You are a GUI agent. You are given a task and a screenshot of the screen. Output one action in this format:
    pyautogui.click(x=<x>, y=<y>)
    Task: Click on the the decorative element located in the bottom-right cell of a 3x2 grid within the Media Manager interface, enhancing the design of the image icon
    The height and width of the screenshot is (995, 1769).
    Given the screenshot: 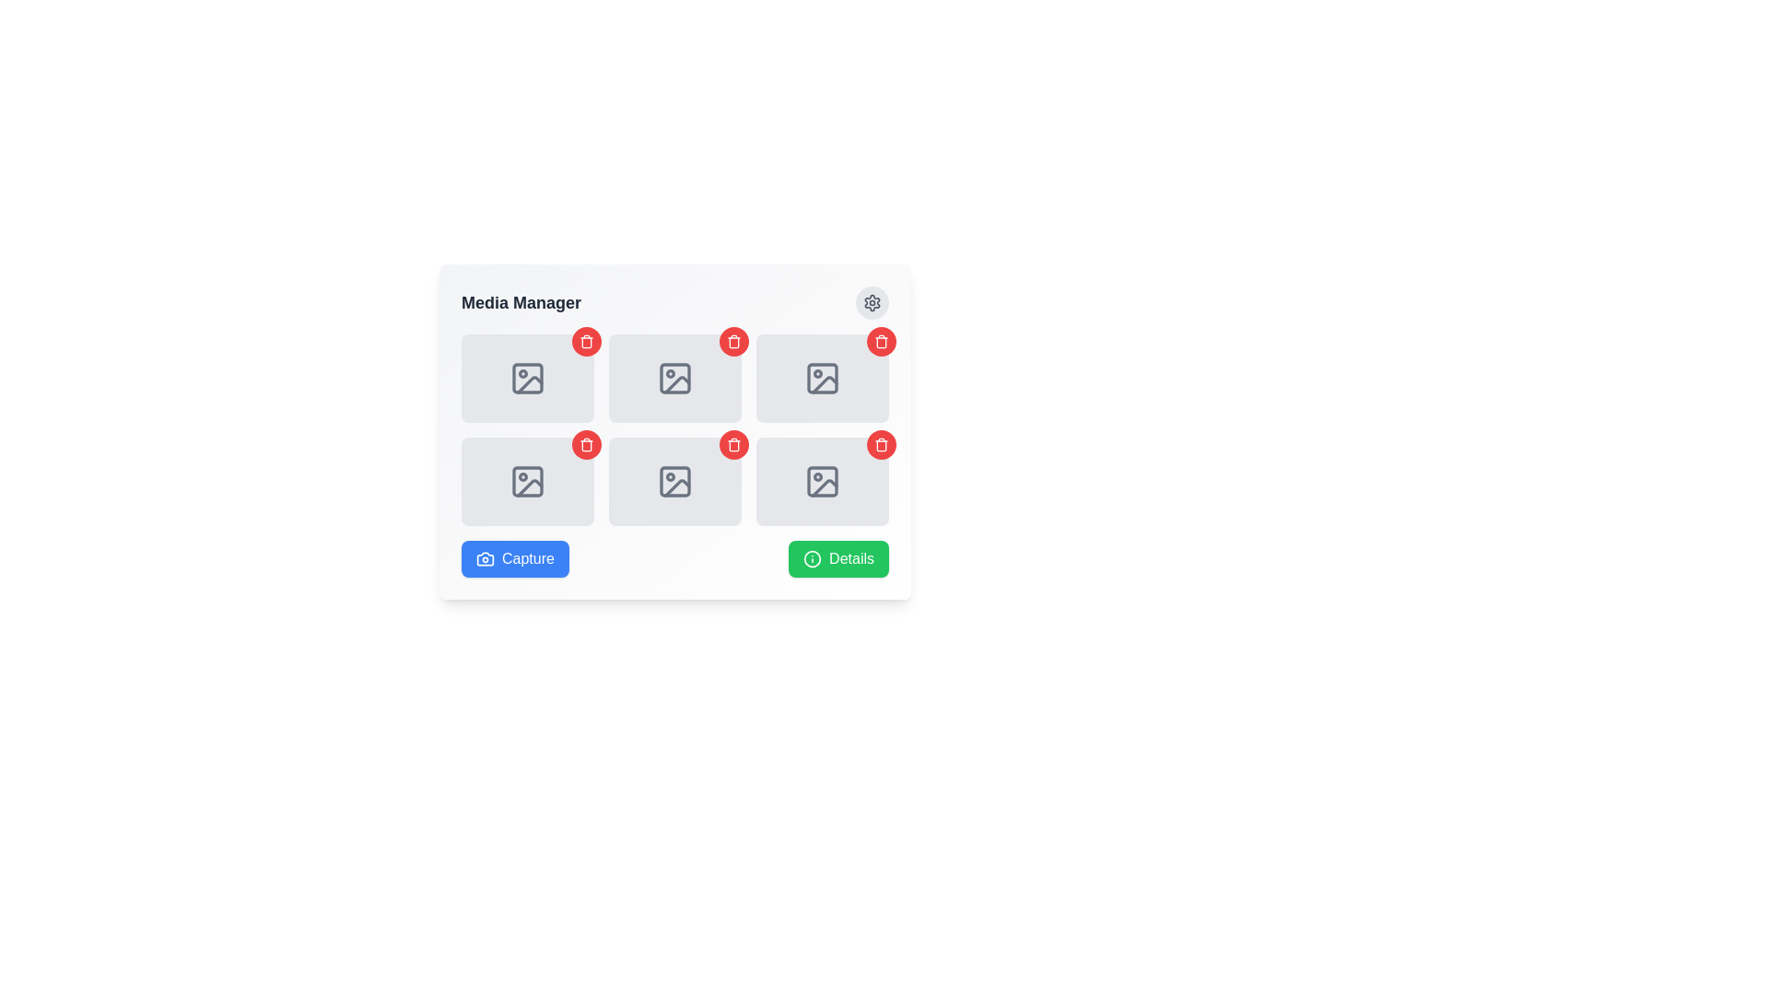 What is the action you would take?
    pyautogui.click(x=821, y=481)
    